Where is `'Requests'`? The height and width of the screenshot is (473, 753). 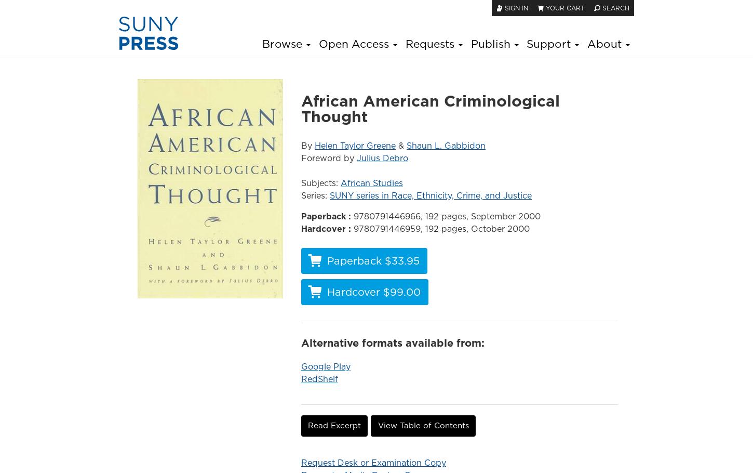 'Requests' is located at coordinates (431, 43).